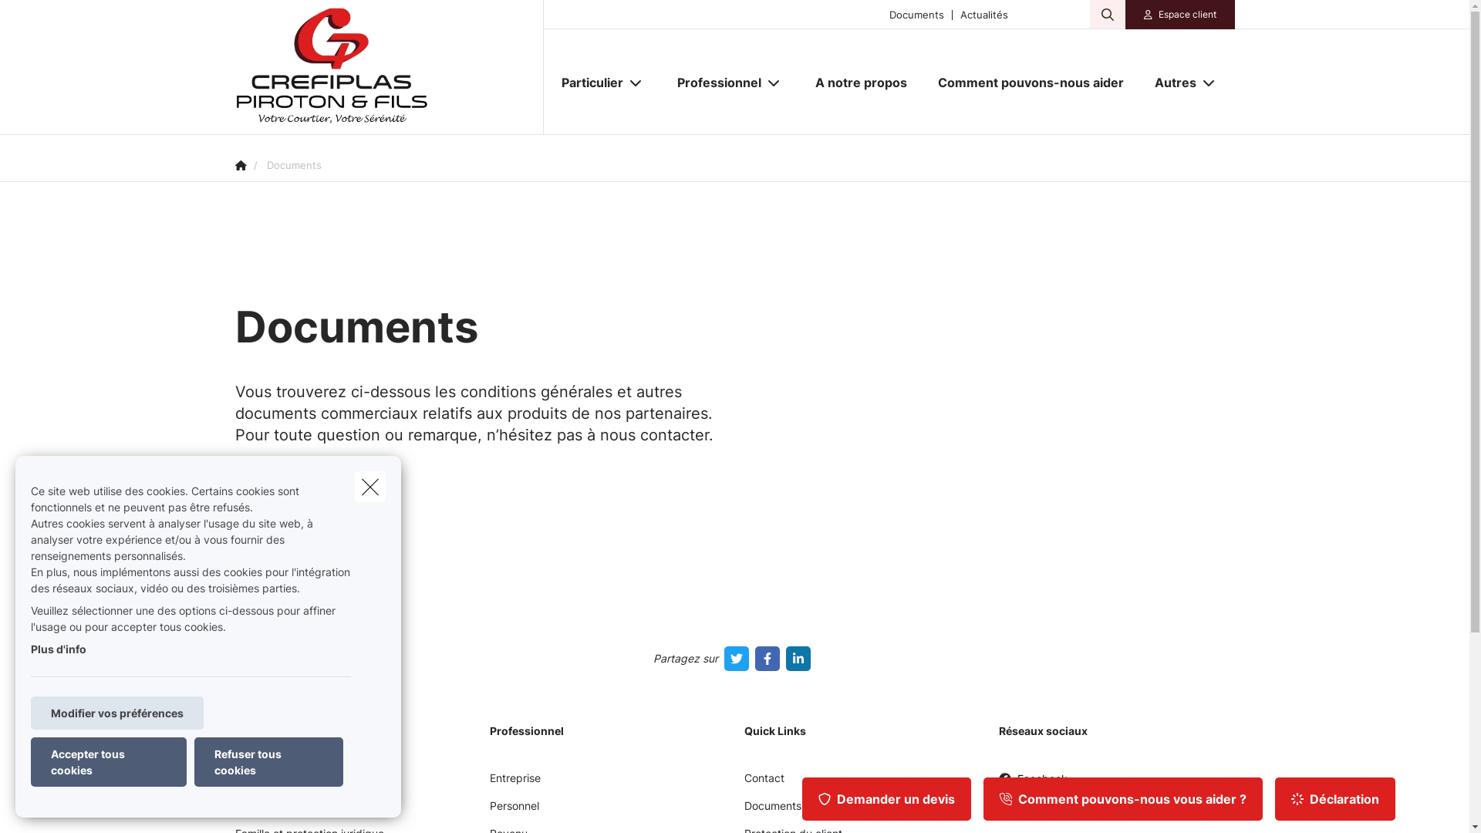  I want to click on 'Documents', so click(916, 14).